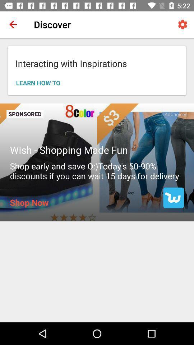 The image size is (194, 345). What do you see at coordinates (13, 24) in the screenshot?
I see `the icon to the left of discover` at bounding box center [13, 24].